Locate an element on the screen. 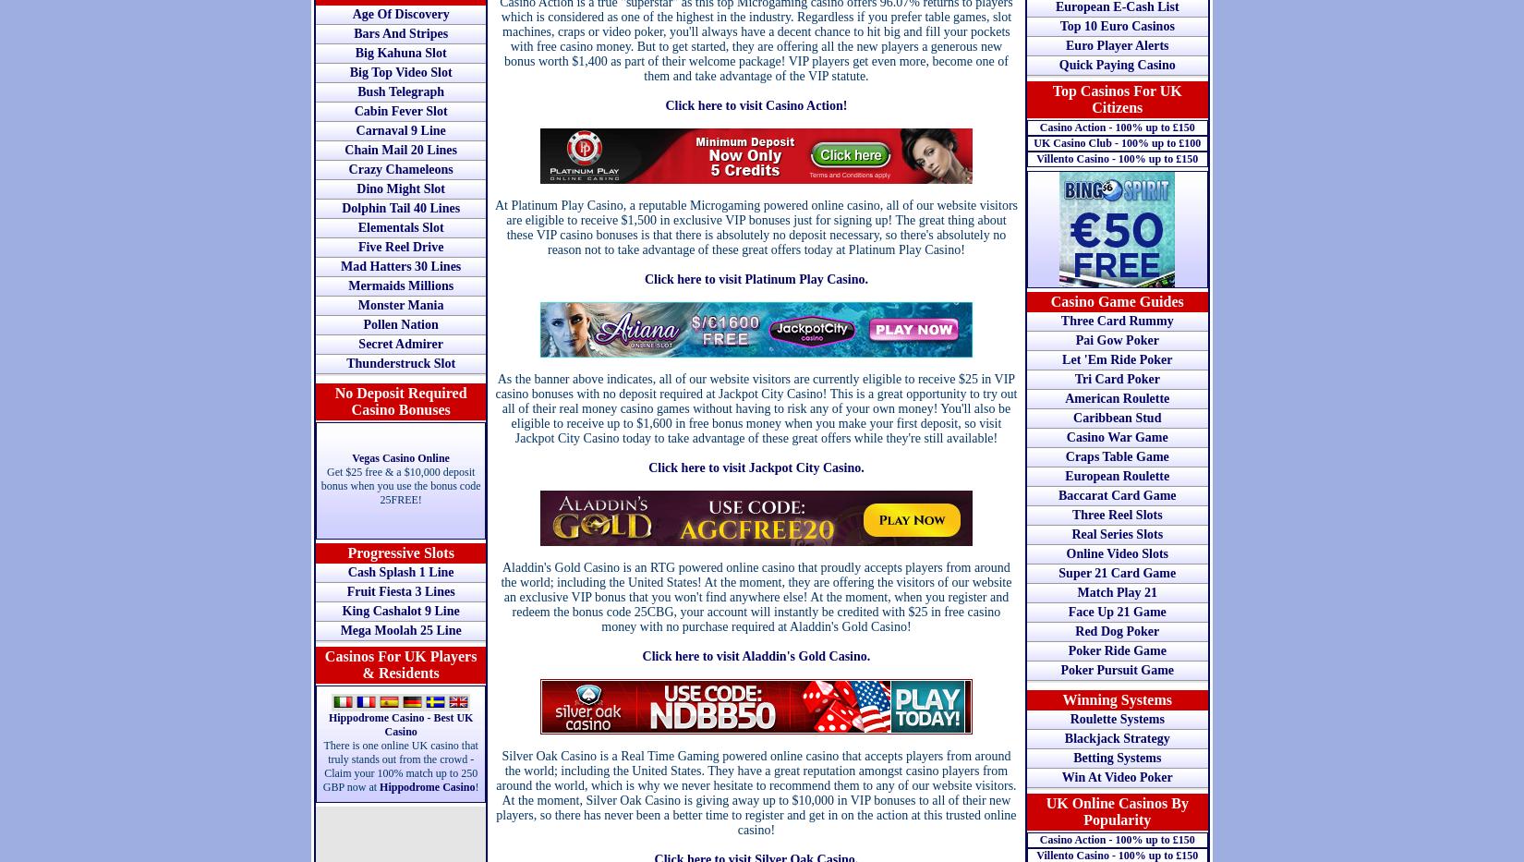  'Poker Pursuit Game' is located at coordinates (1117, 670).